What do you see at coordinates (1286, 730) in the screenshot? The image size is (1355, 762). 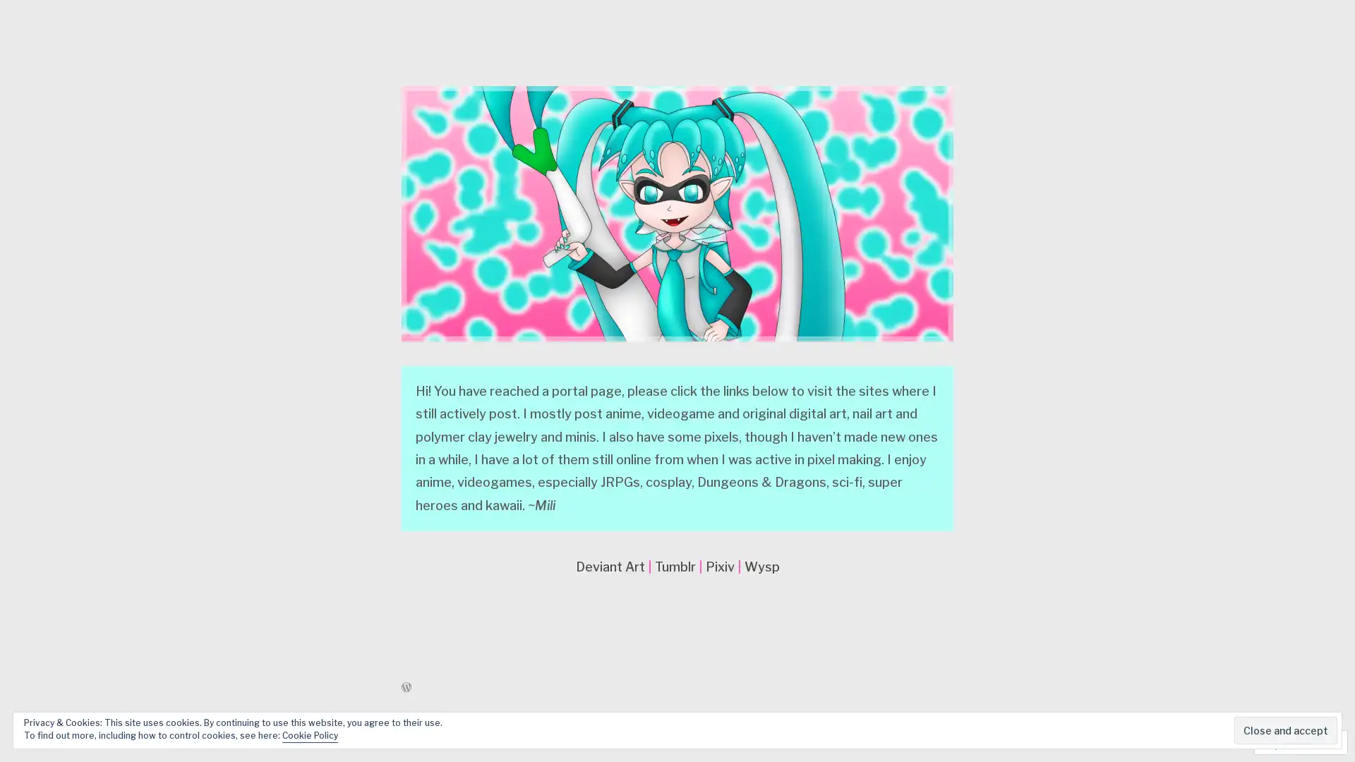 I see `Close and accept` at bounding box center [1286, 730].